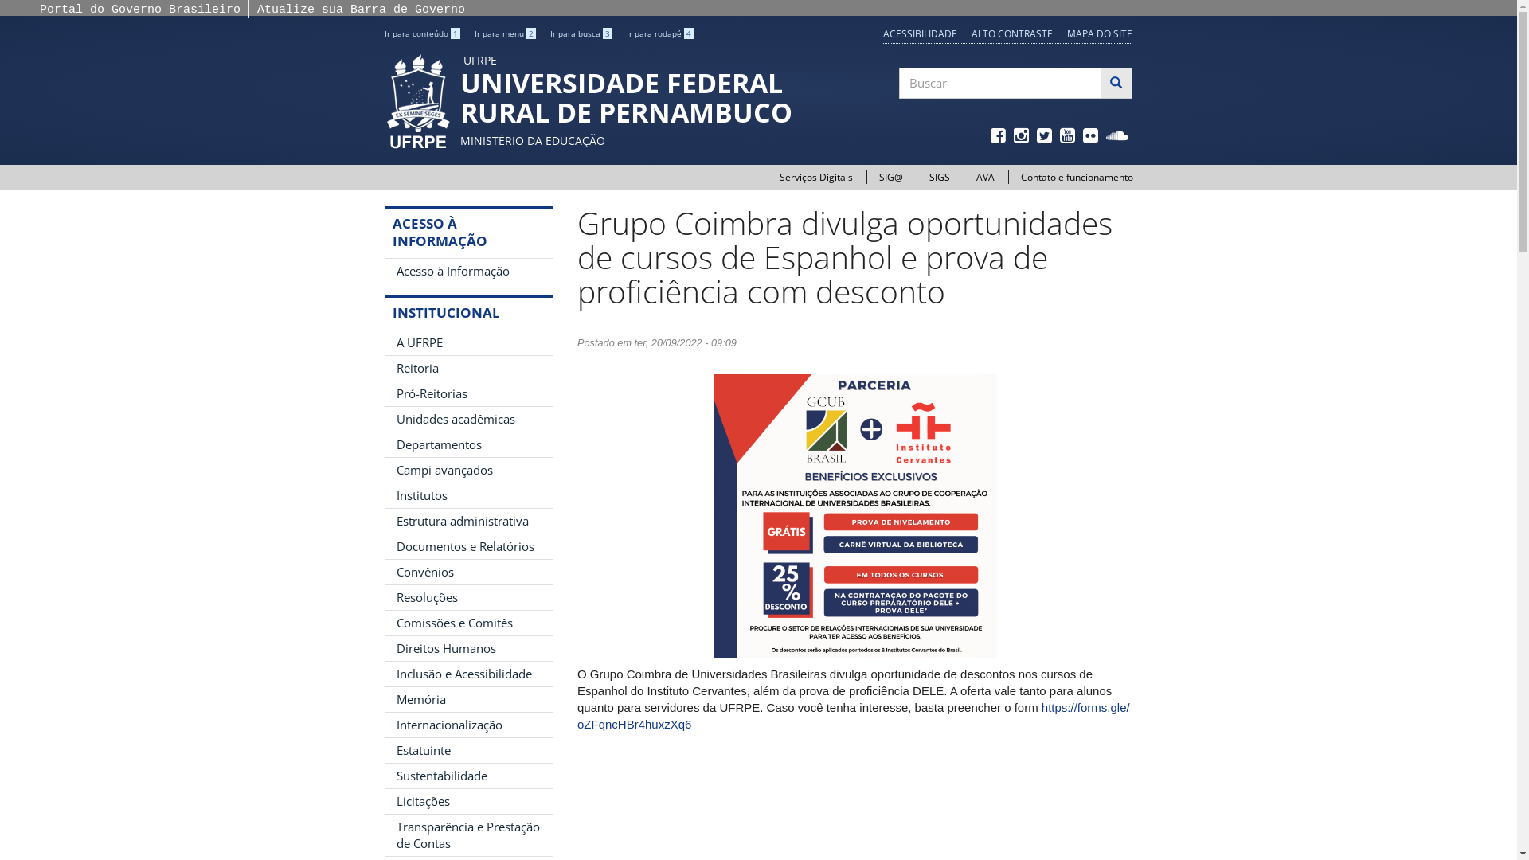 The width and height of the screenshot is (1529, 860). What do you see at coordinates (984, 177) in the screenshot?
I see `'AVA'` at bounding box center [984, 177].